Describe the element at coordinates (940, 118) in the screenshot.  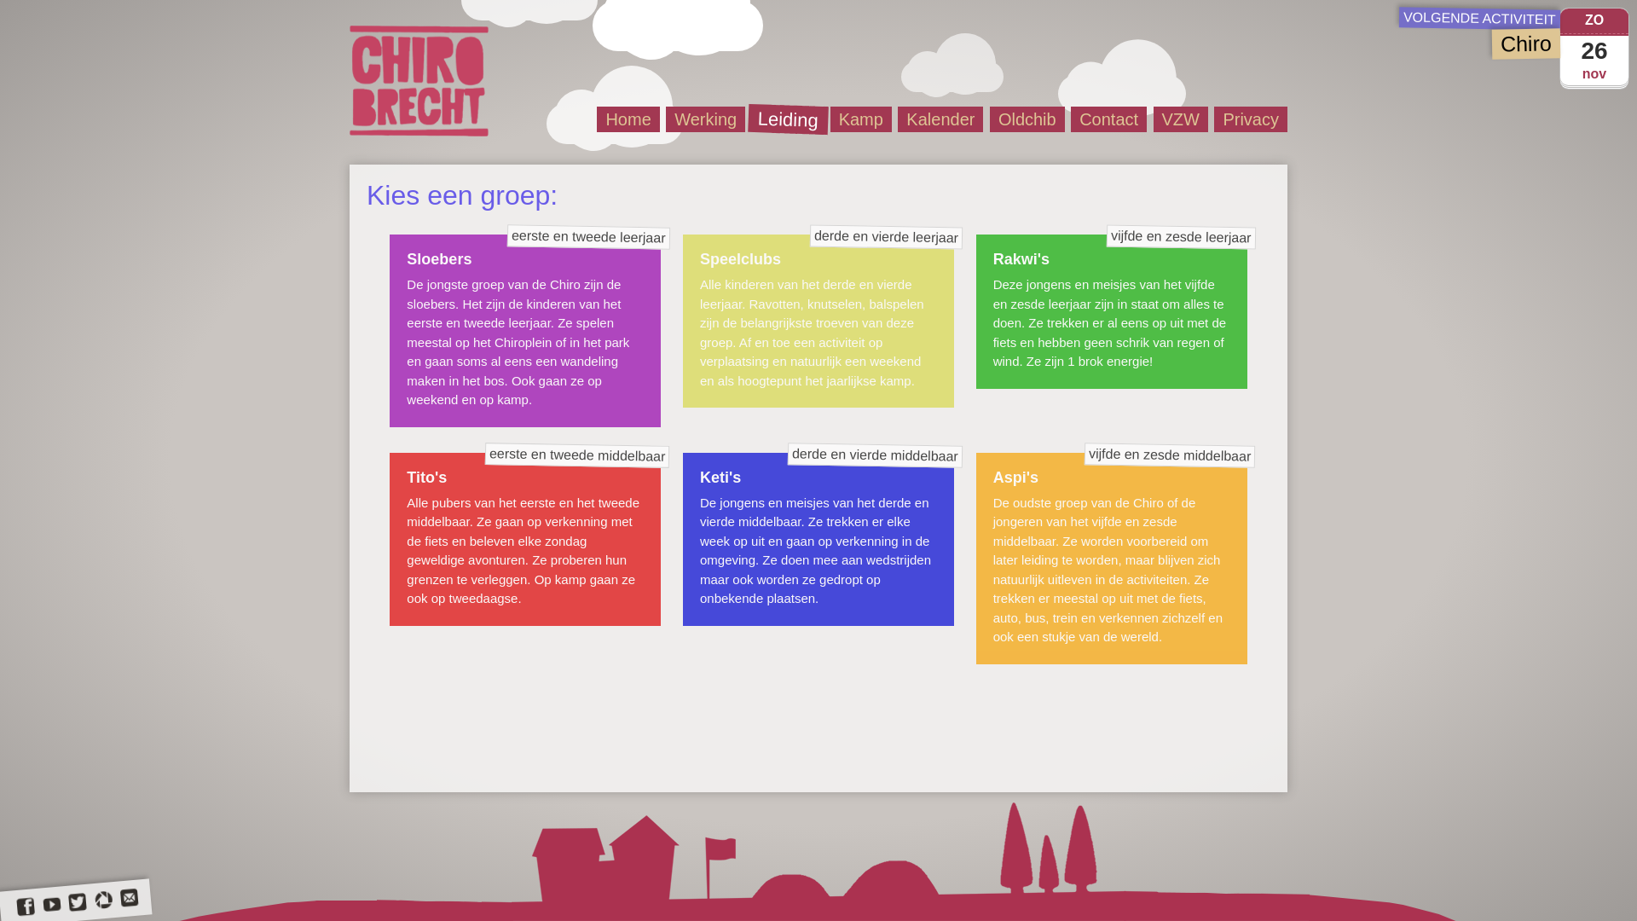
I see `'Kalender'` at that location.